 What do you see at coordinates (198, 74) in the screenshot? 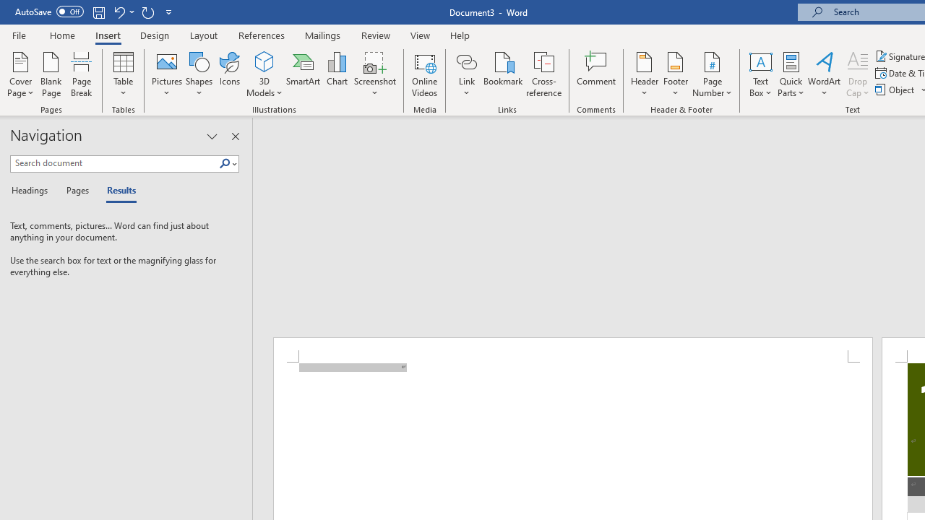
I see `'Shapes'` at bounding box center [198, 74].